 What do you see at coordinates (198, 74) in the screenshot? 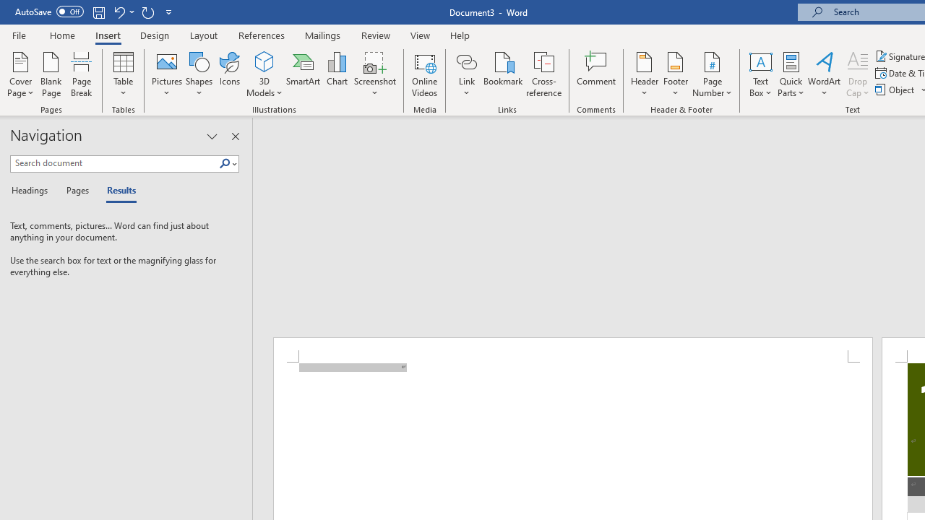
I see `'Shapes'` at bounding box center [198, 74].